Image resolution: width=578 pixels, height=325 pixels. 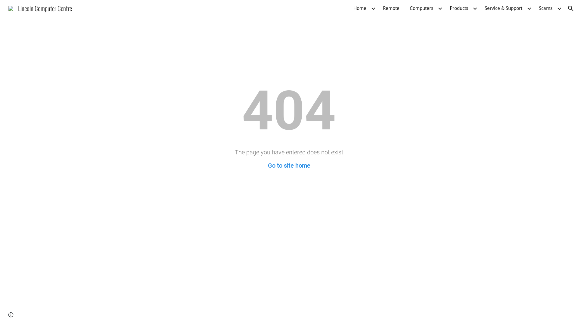 What do you see at coordinates (440, 8) in the screenshot?
I see `'Expand/Collapse'` at bounding box center [440, 8].